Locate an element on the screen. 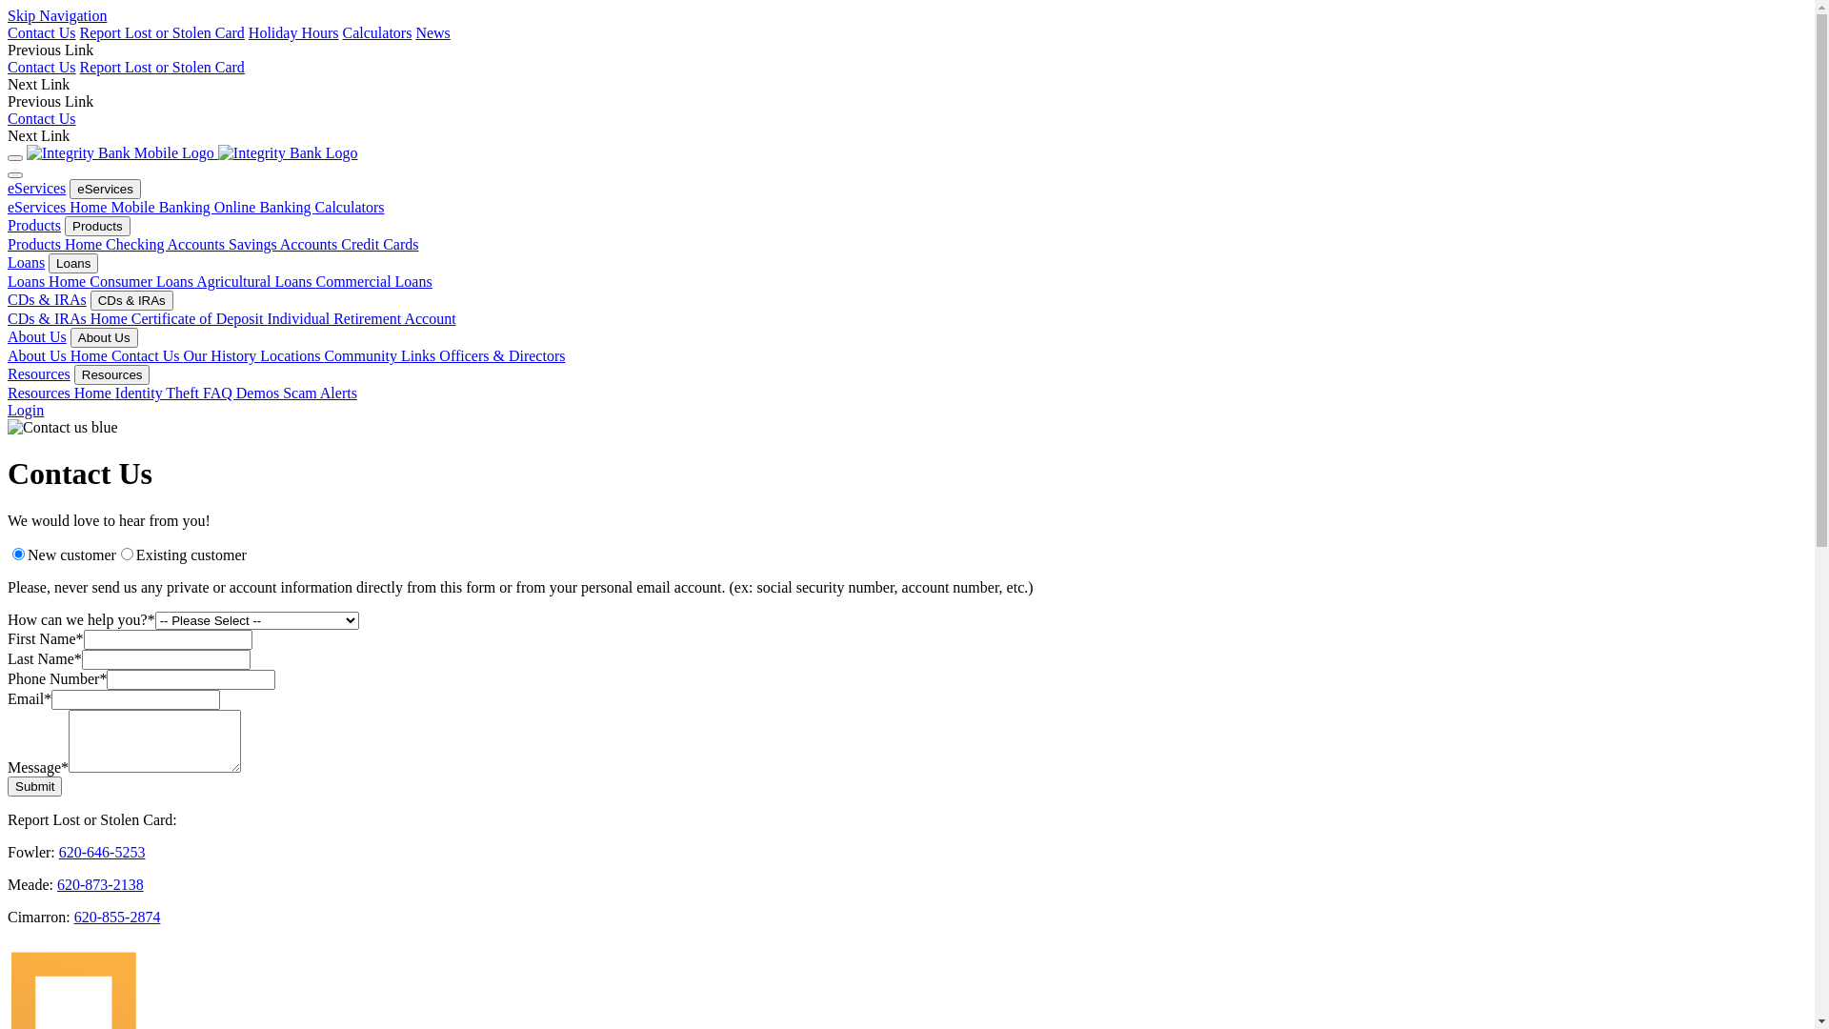 The width and height of the screenshot is (1829, 1029). 'Resources' is located at coordinates (111, 374).